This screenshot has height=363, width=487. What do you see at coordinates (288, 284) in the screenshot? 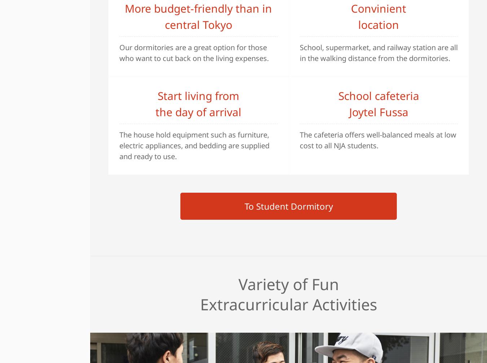
I see `'Variety of Fun'` at bounding box center [288, 284].